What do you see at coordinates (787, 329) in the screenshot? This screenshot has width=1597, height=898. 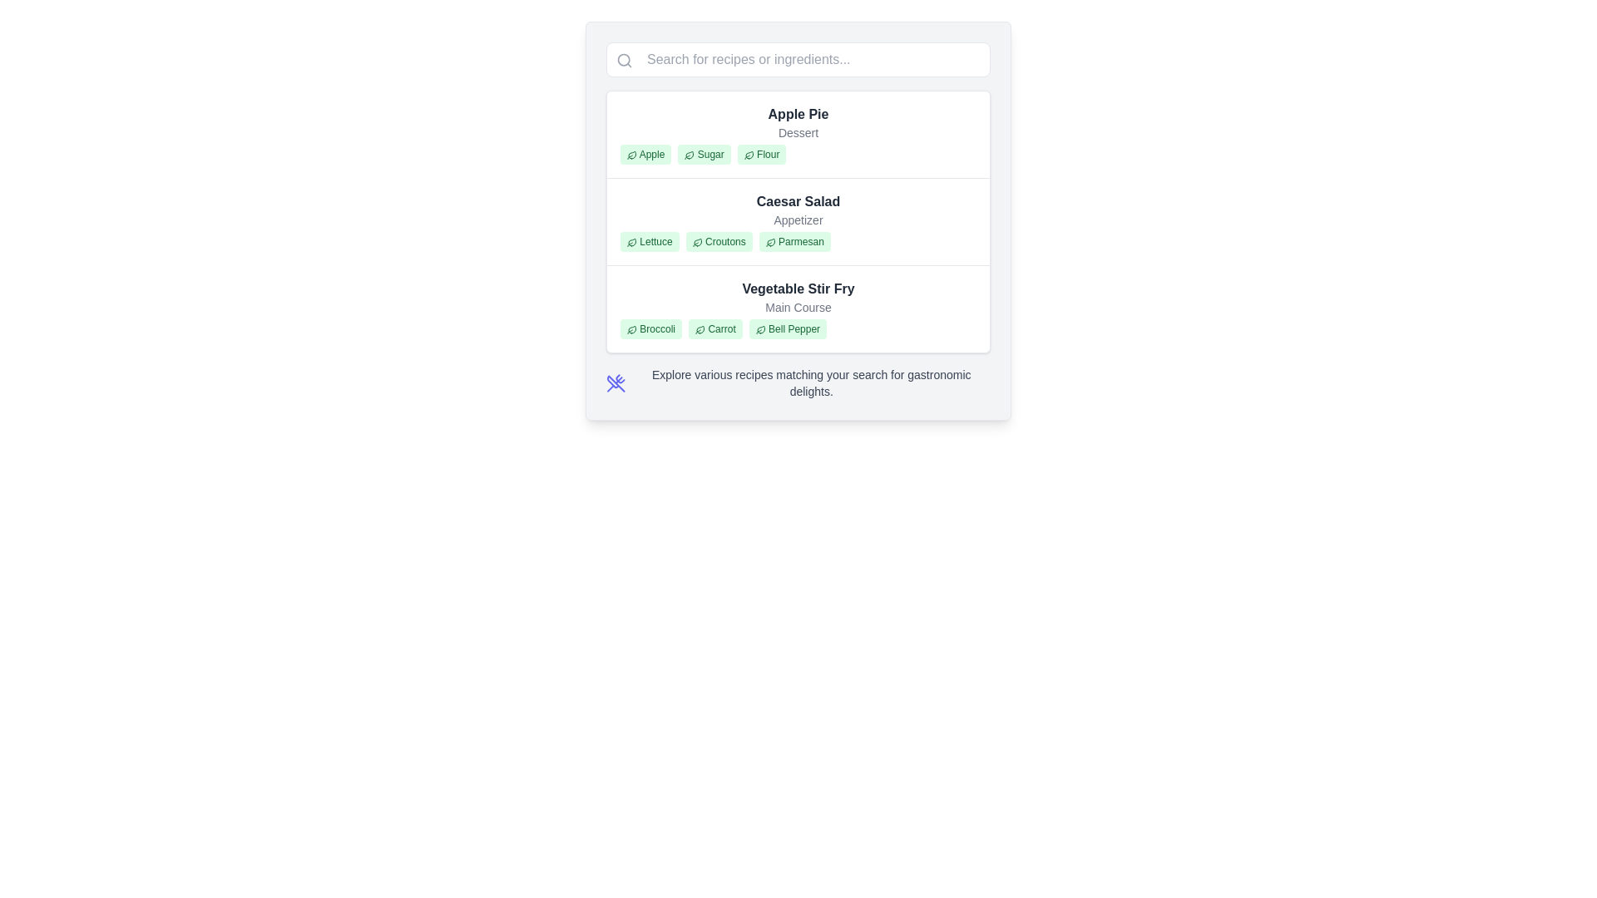 I see `the 'Bell Pepper' label, which is the third label in the ingredient list for the 'Vegetable Stir Fry' recipe` at bounding box center [787, 329].